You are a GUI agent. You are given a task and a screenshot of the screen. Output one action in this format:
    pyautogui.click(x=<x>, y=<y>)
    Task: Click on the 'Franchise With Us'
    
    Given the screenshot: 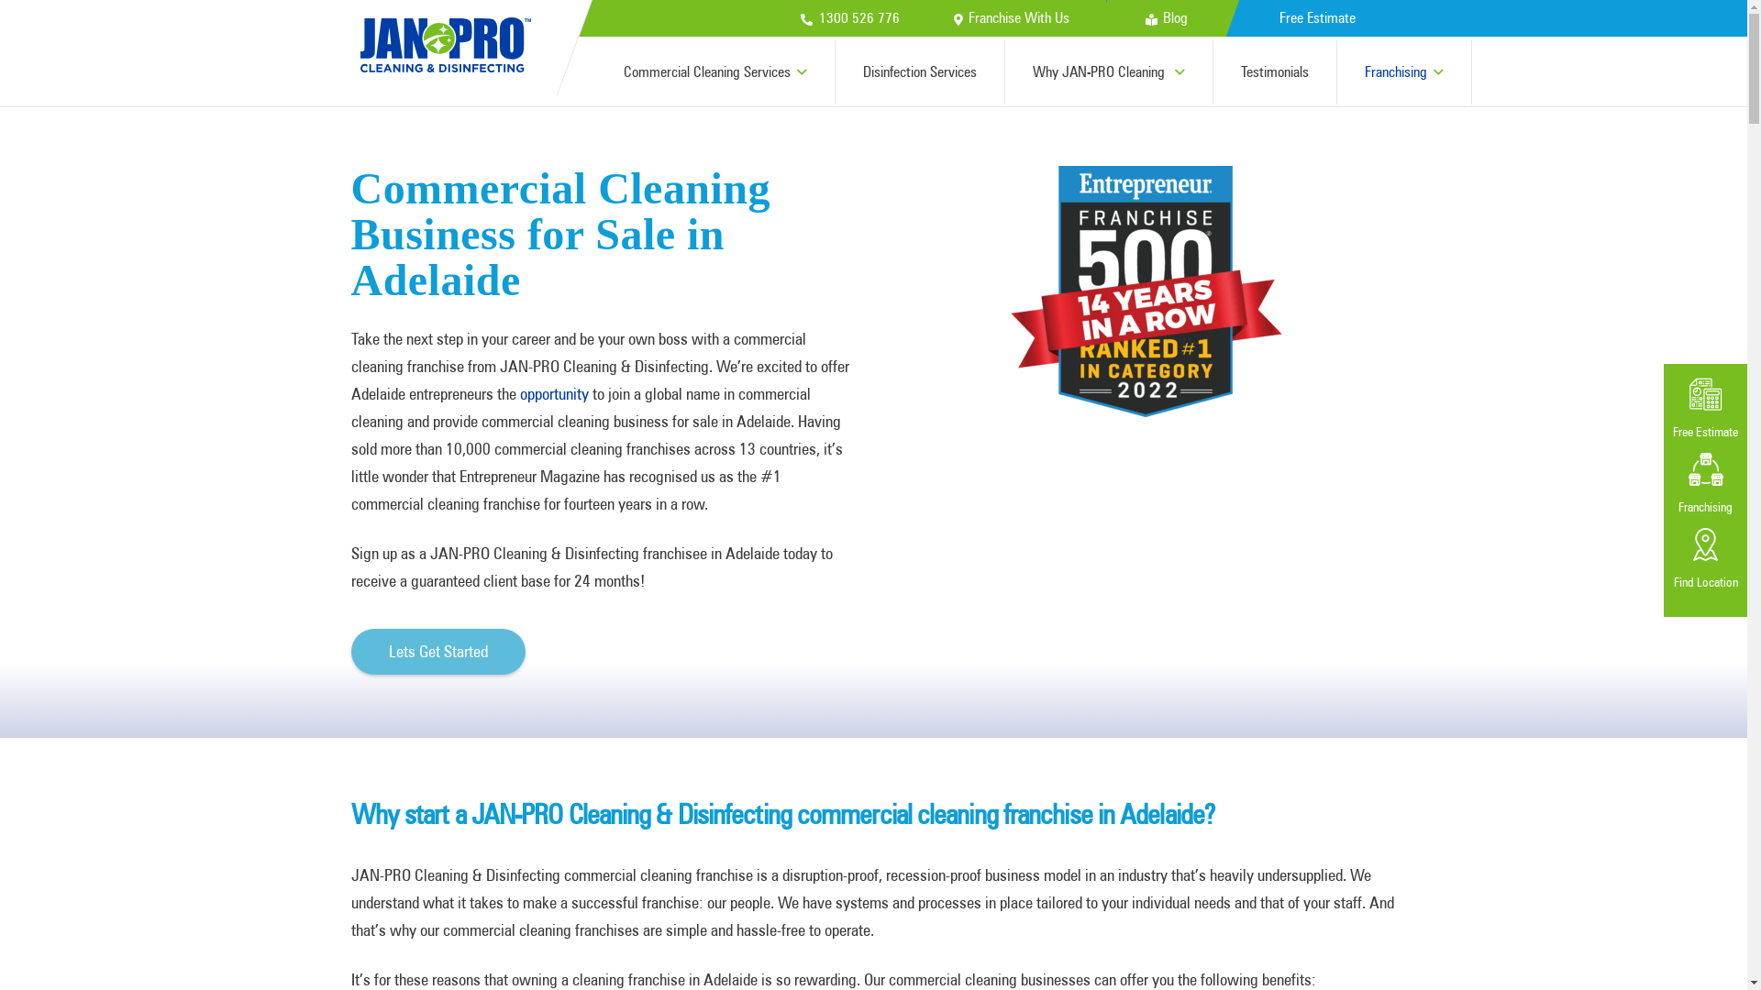 What is the action you would take?
    pyautogui.click(x=954, y=17)
    